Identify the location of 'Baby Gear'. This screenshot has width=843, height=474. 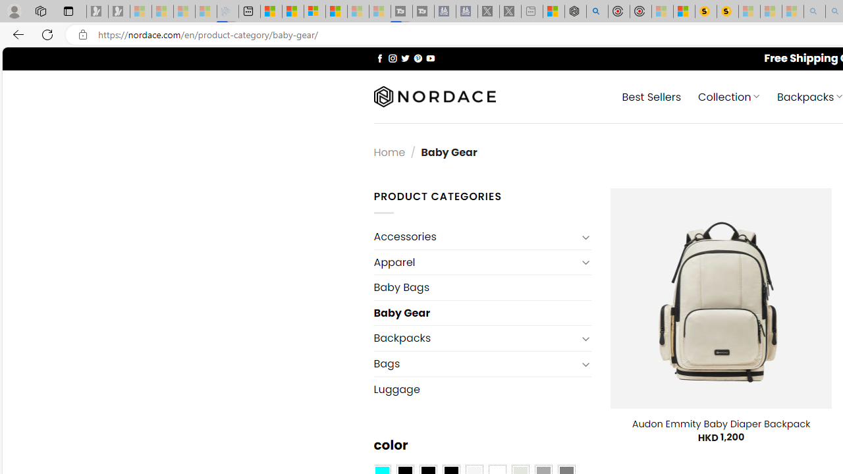
(481, 313).